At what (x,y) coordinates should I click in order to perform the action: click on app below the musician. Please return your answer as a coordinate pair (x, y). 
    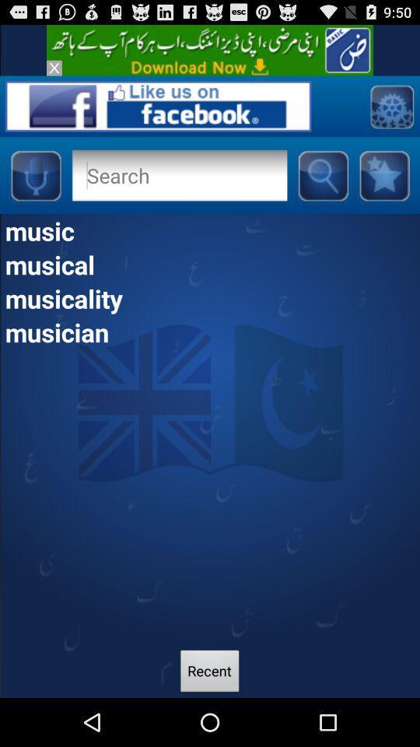
    Looking at the image, I should click on (210, 672).